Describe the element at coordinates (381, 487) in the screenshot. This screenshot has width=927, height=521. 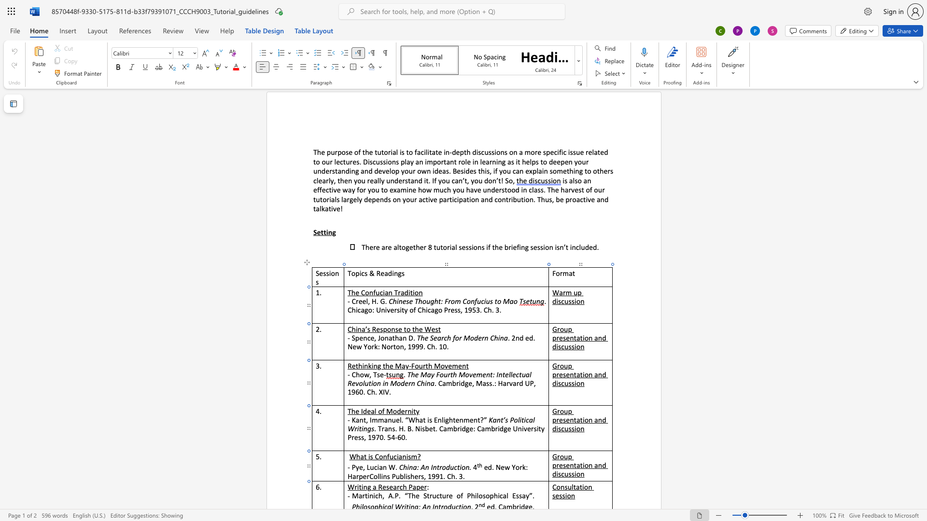
I see `the space between the continuous character "R" and "e" in the text` at that location.